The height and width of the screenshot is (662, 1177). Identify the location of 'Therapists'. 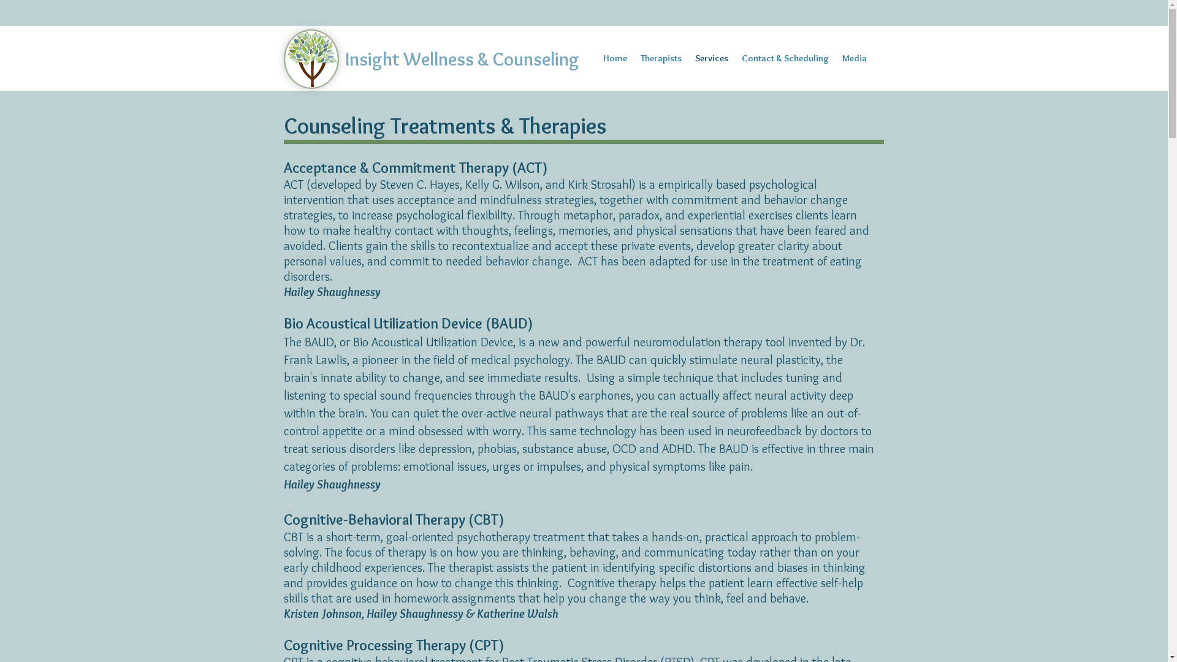
(660, 58).